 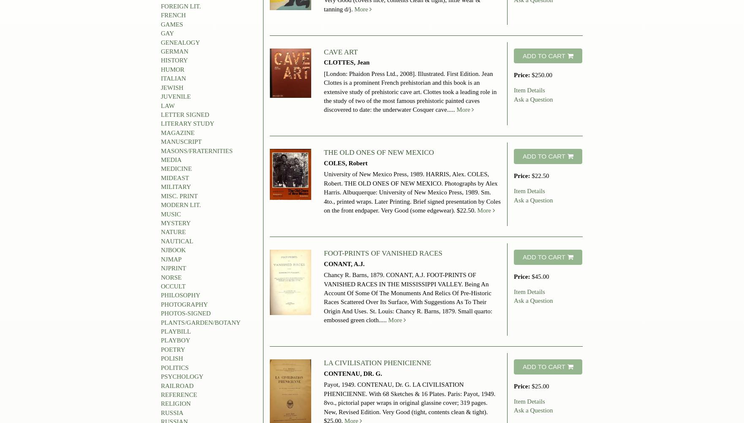 What do you see at coordinates (173, 78) in the screenshot?
I see `'ITALIAN'` at bounding box center [173, 78].